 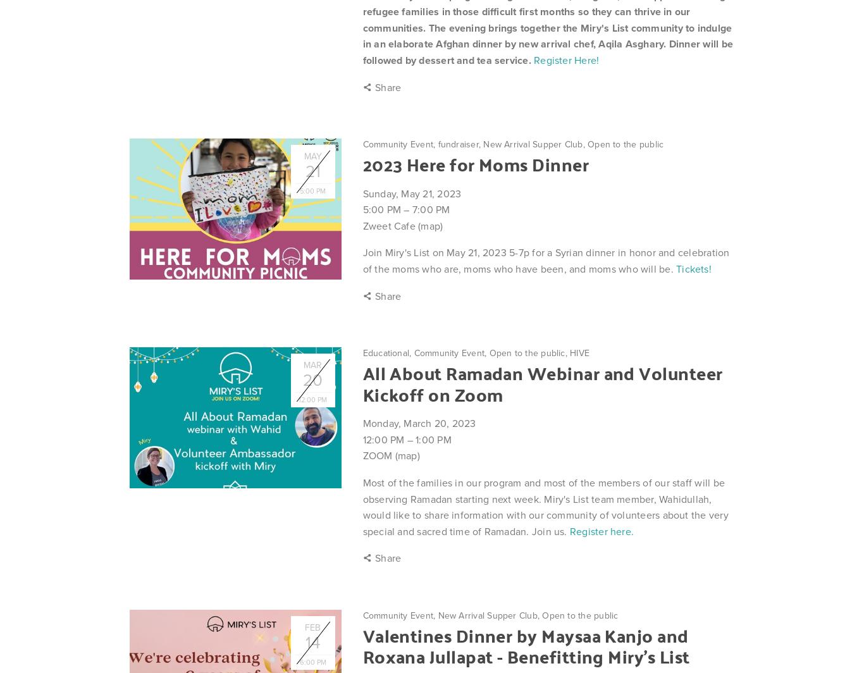 I want to click on 'All About Ramadan Webinar and Volunteer Kickoff on Zoom', so click(x=541, y=383).